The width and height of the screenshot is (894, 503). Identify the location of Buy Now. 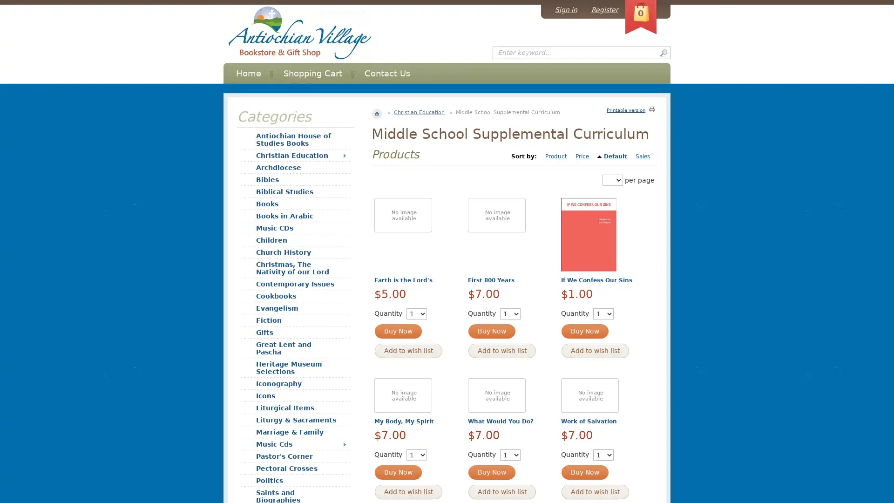
(398, 331).